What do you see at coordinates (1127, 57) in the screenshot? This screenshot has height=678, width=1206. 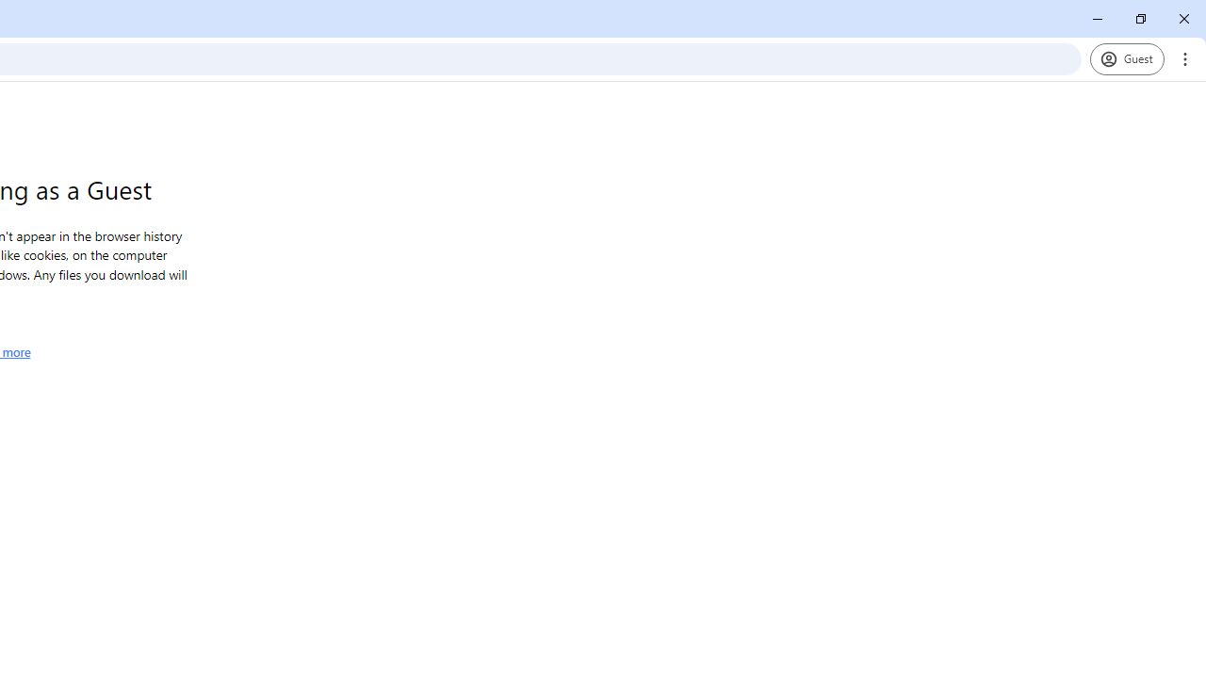 I see `'Guest'` at bounding box center [1127, 57].